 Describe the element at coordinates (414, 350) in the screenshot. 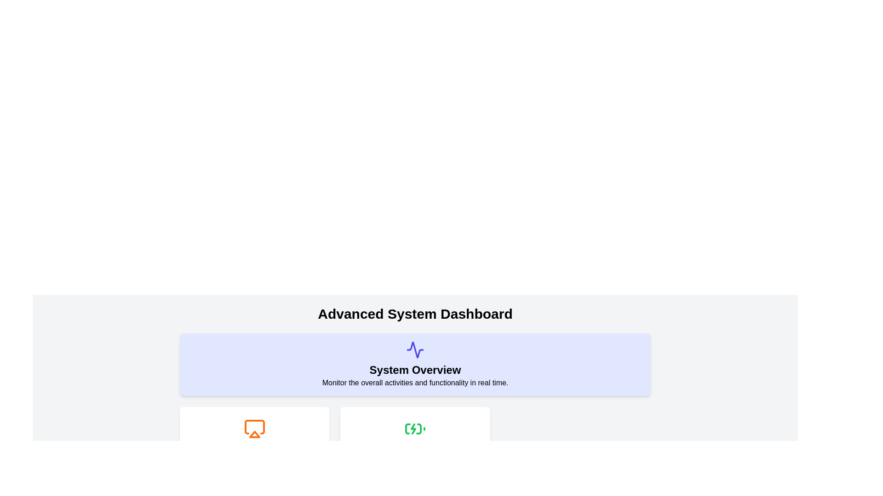

I see `the SVG graphical icon representing activity or signal monitoring located centrally within the light blue area at the top of the 'System Overview' section` at that location.